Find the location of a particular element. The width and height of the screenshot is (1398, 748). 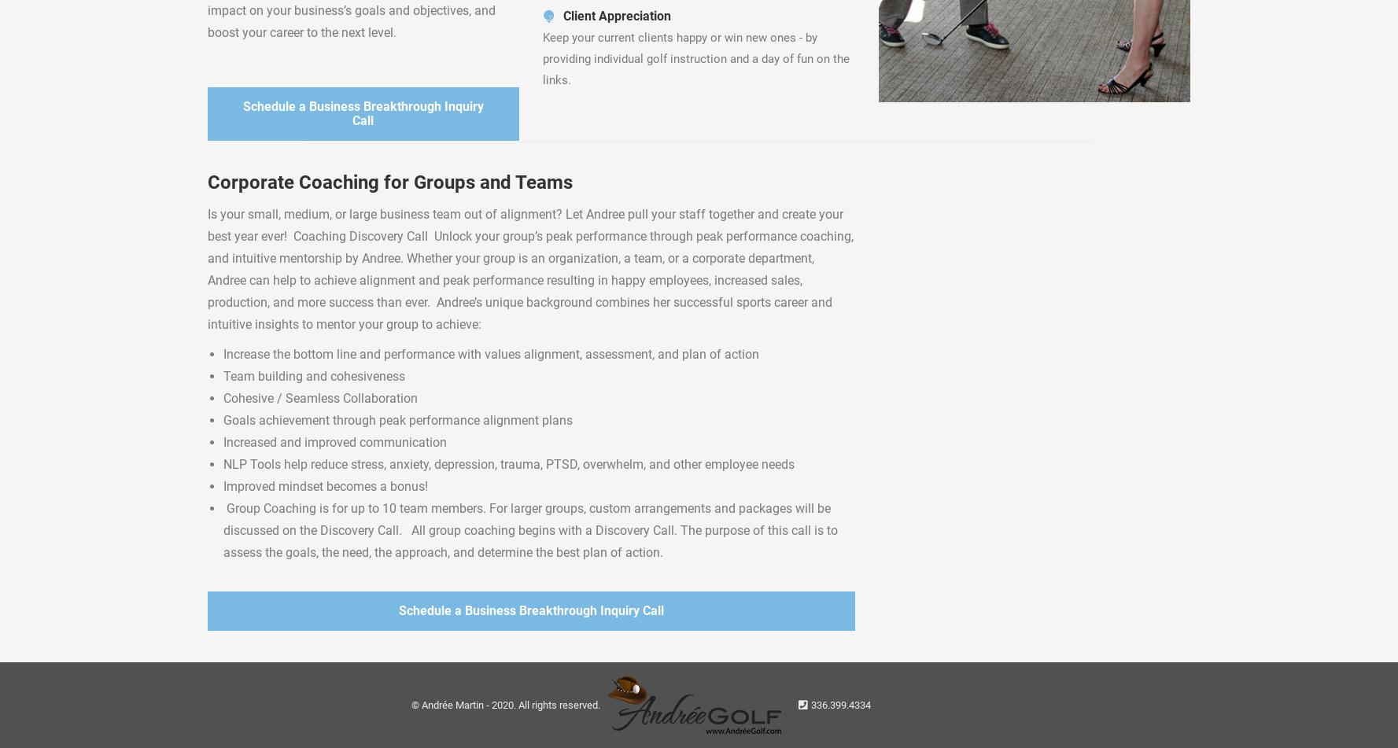

'Team building and cohesiveness' is located at coordinates (313, 375).